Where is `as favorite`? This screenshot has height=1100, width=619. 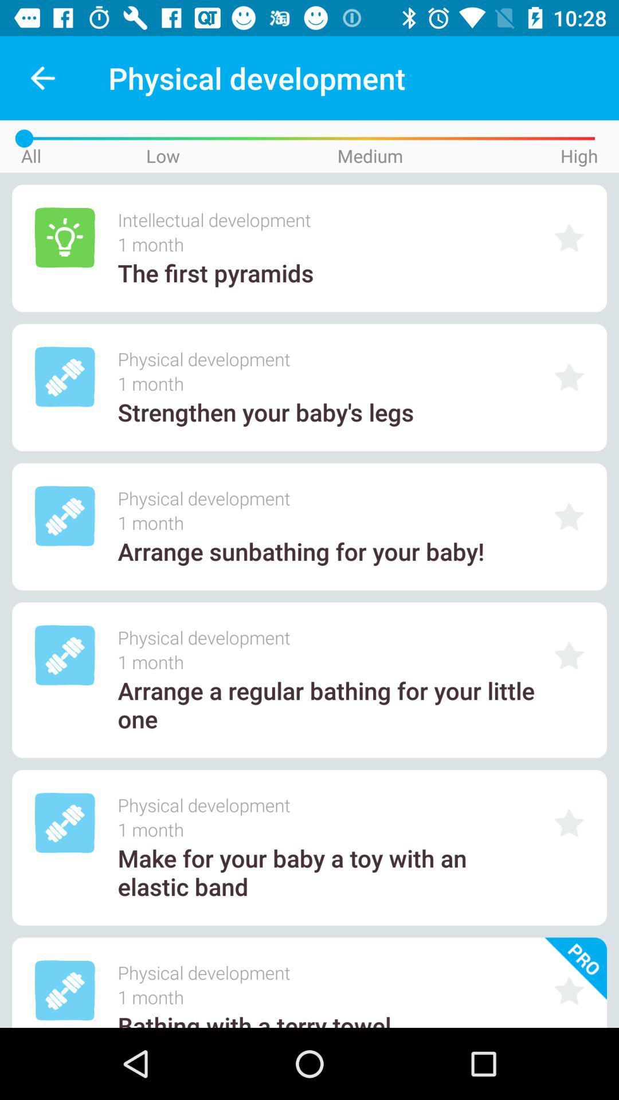 as favorite is located at coordinates (569, 655).